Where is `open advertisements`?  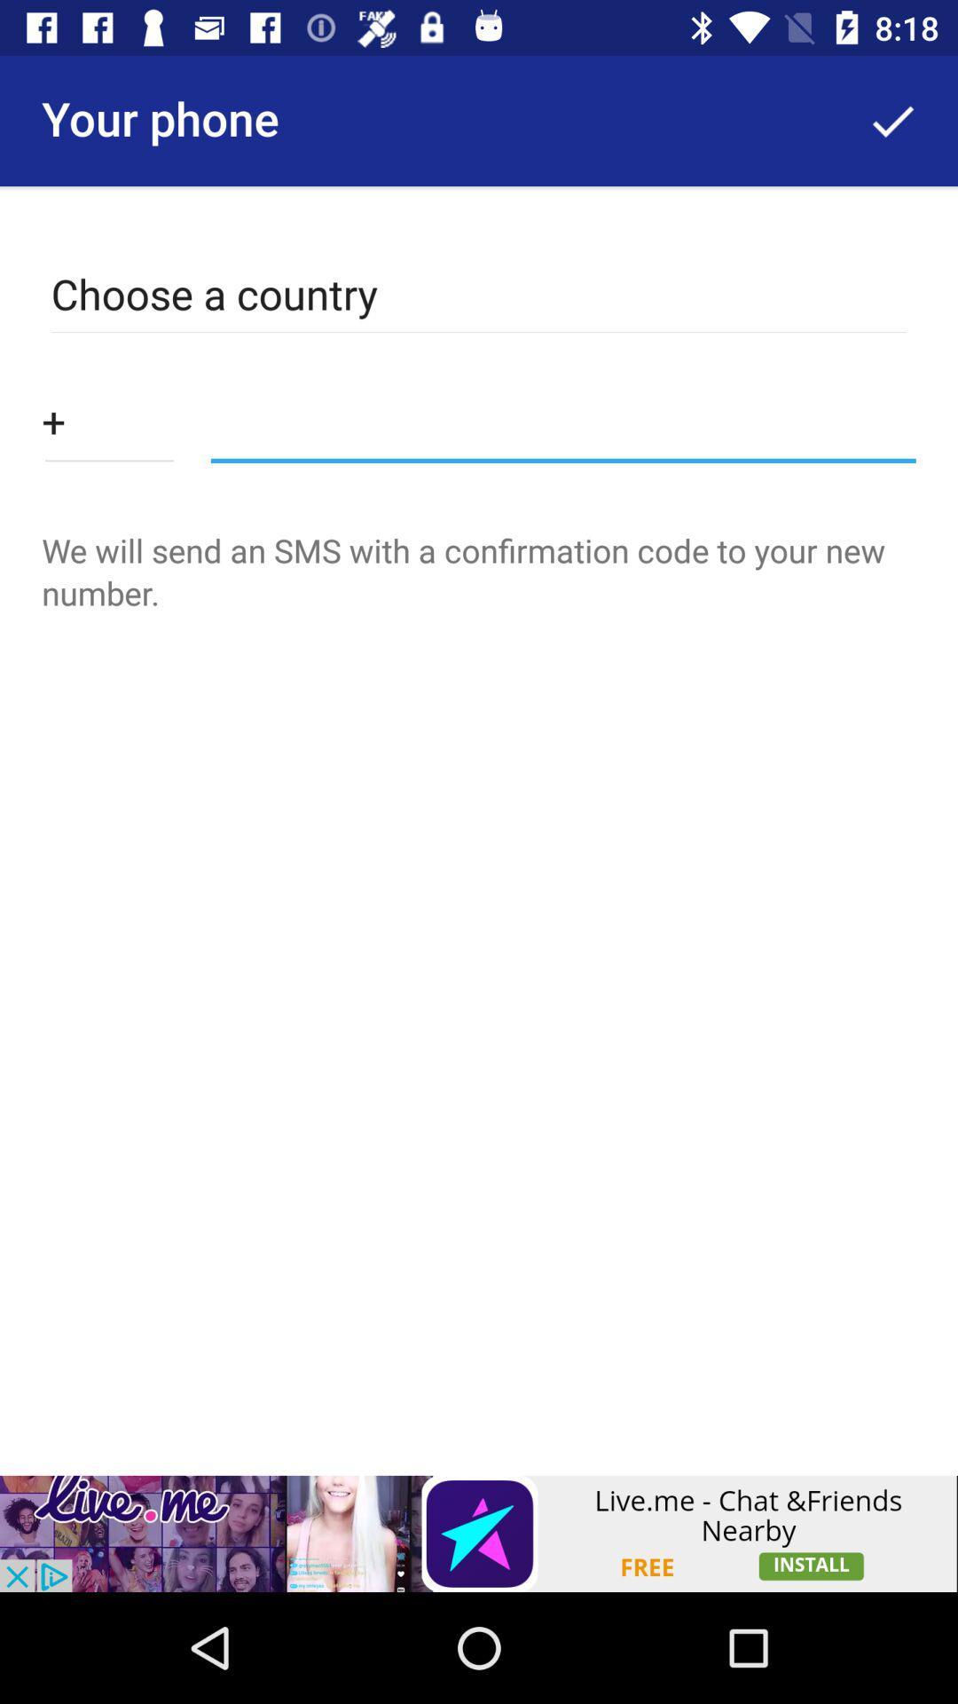 open advertisements is located at coordinates (479, 1533).